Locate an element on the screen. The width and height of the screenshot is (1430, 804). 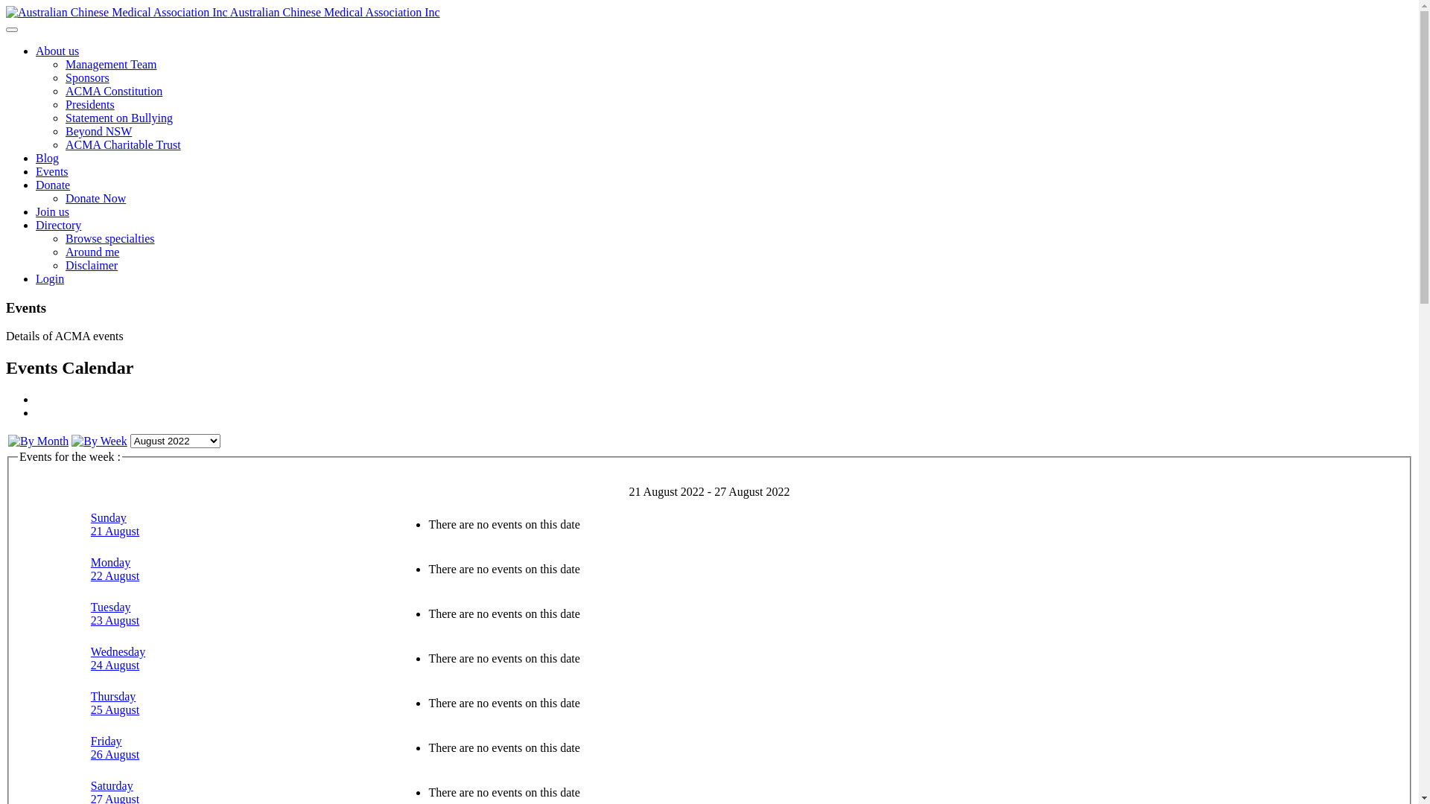
'Directory' is located at coordinates (58, 225).